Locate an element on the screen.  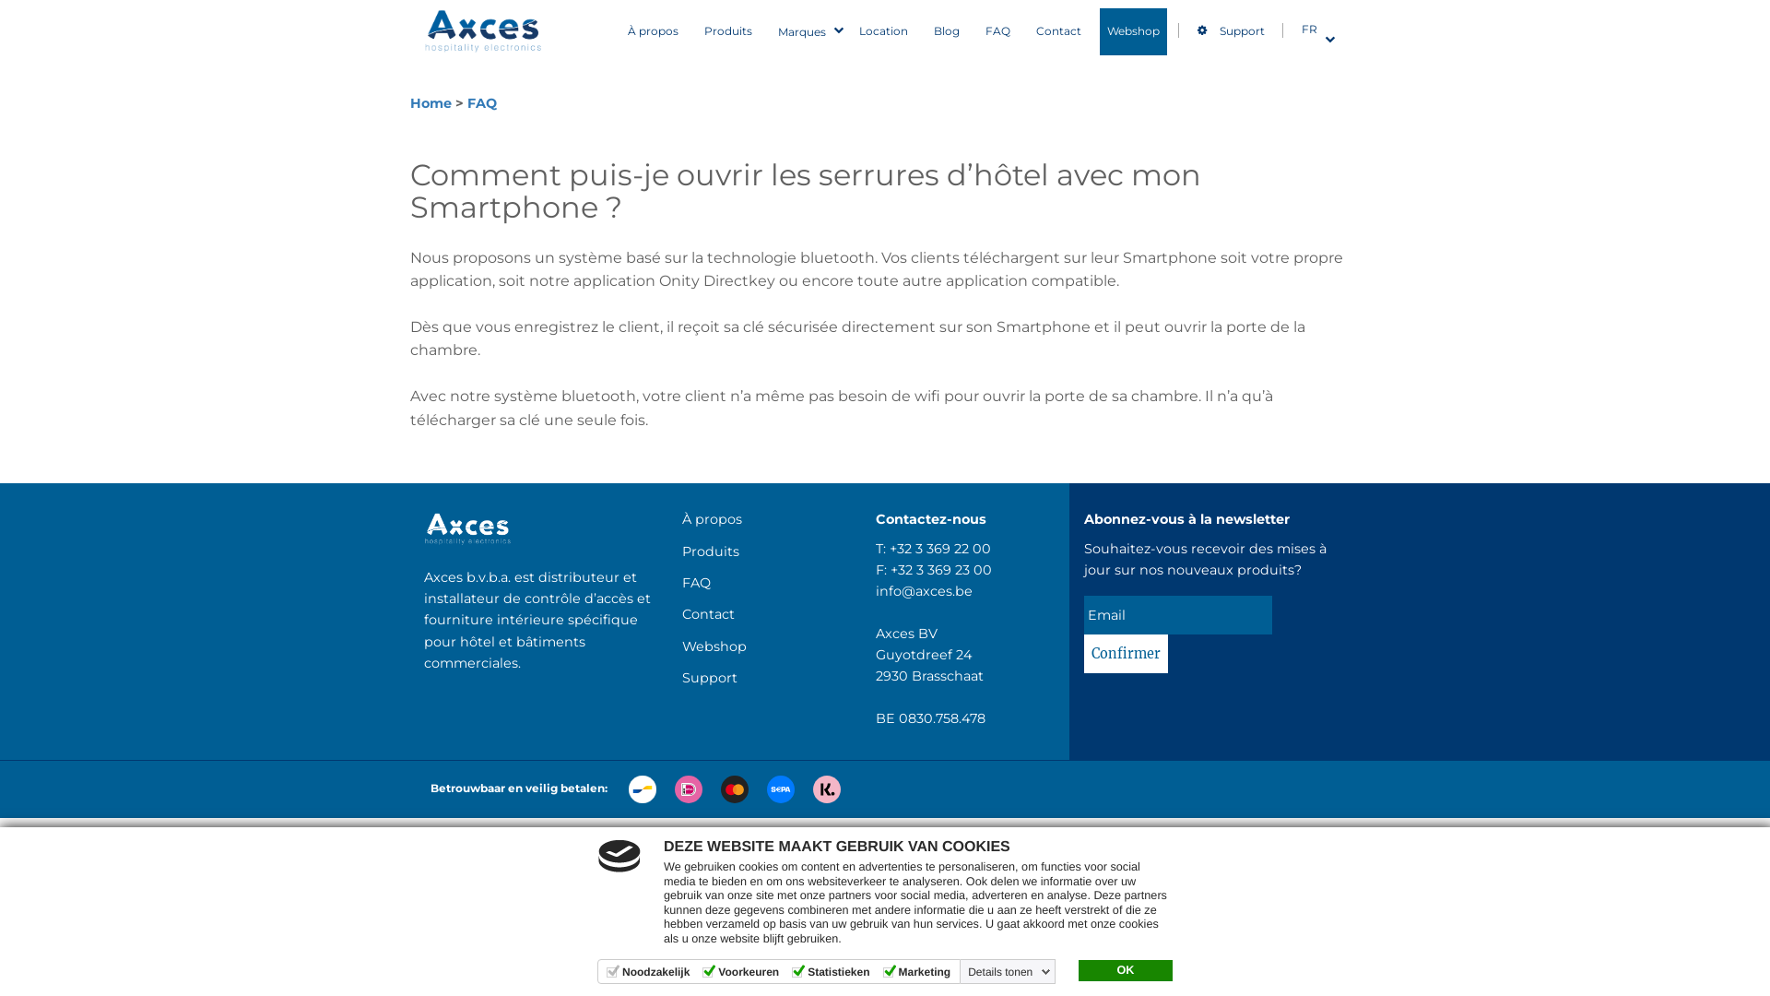
'+32 3 369 22 00' is located at coordinates (939, 547).